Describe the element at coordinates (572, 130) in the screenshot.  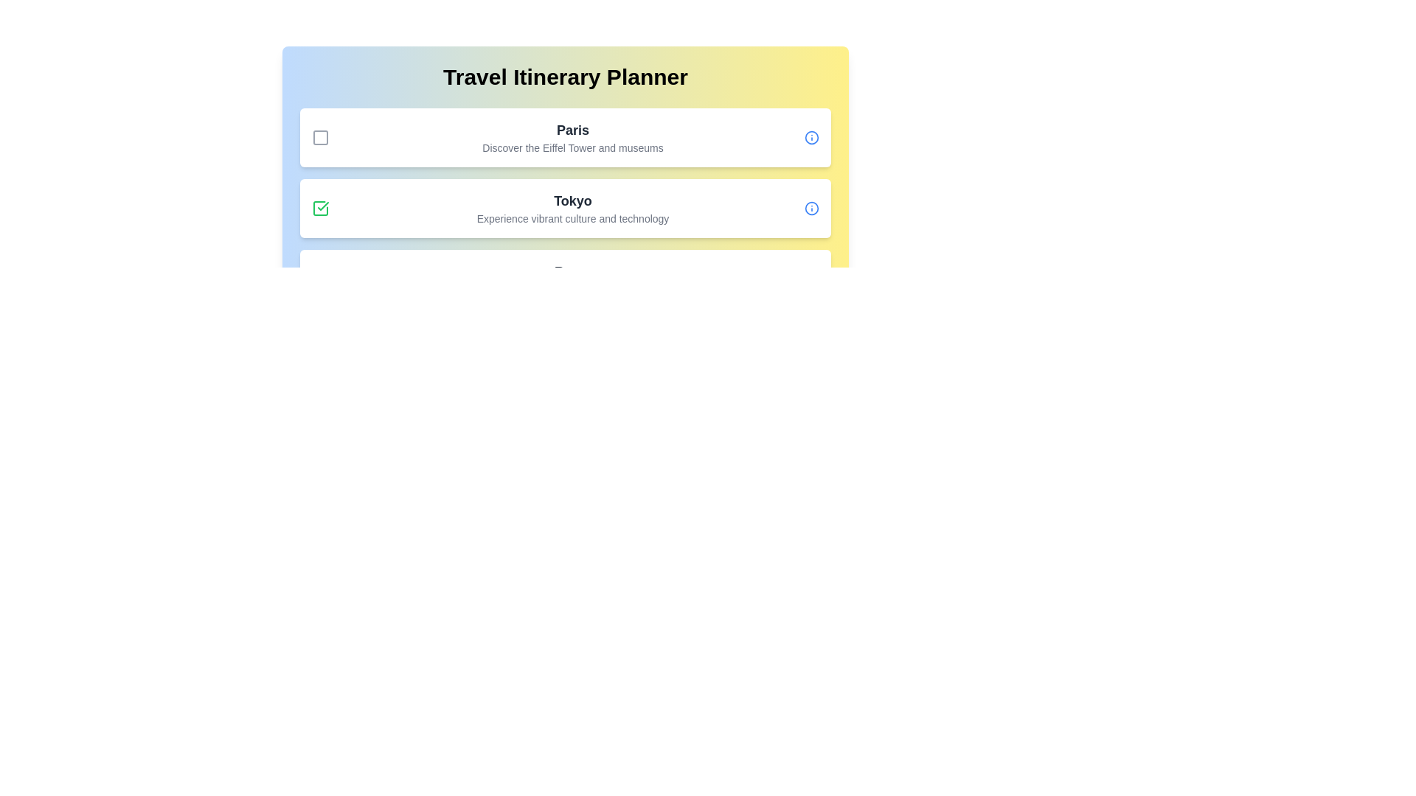
I see `the text label 'Paris' in the Travel Itinerary Planner` at that location.